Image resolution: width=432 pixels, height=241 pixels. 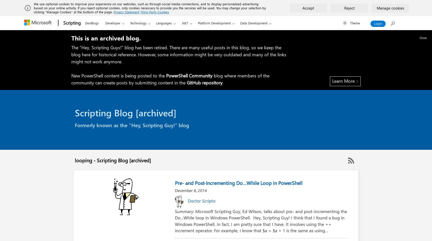 What do you see at coordinates (349, 8) in the screenshot?
I see `'Reject'` at bounding box center [349, 8].